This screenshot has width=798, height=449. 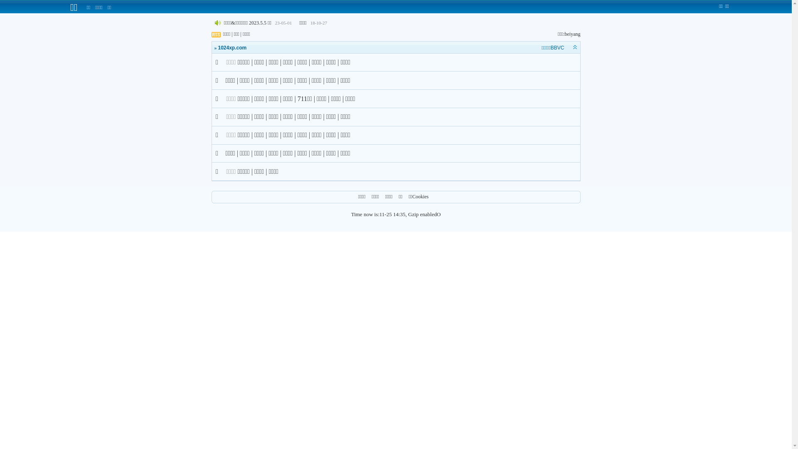 I want to click on '1024xp.com', so click(x=232, y=48).